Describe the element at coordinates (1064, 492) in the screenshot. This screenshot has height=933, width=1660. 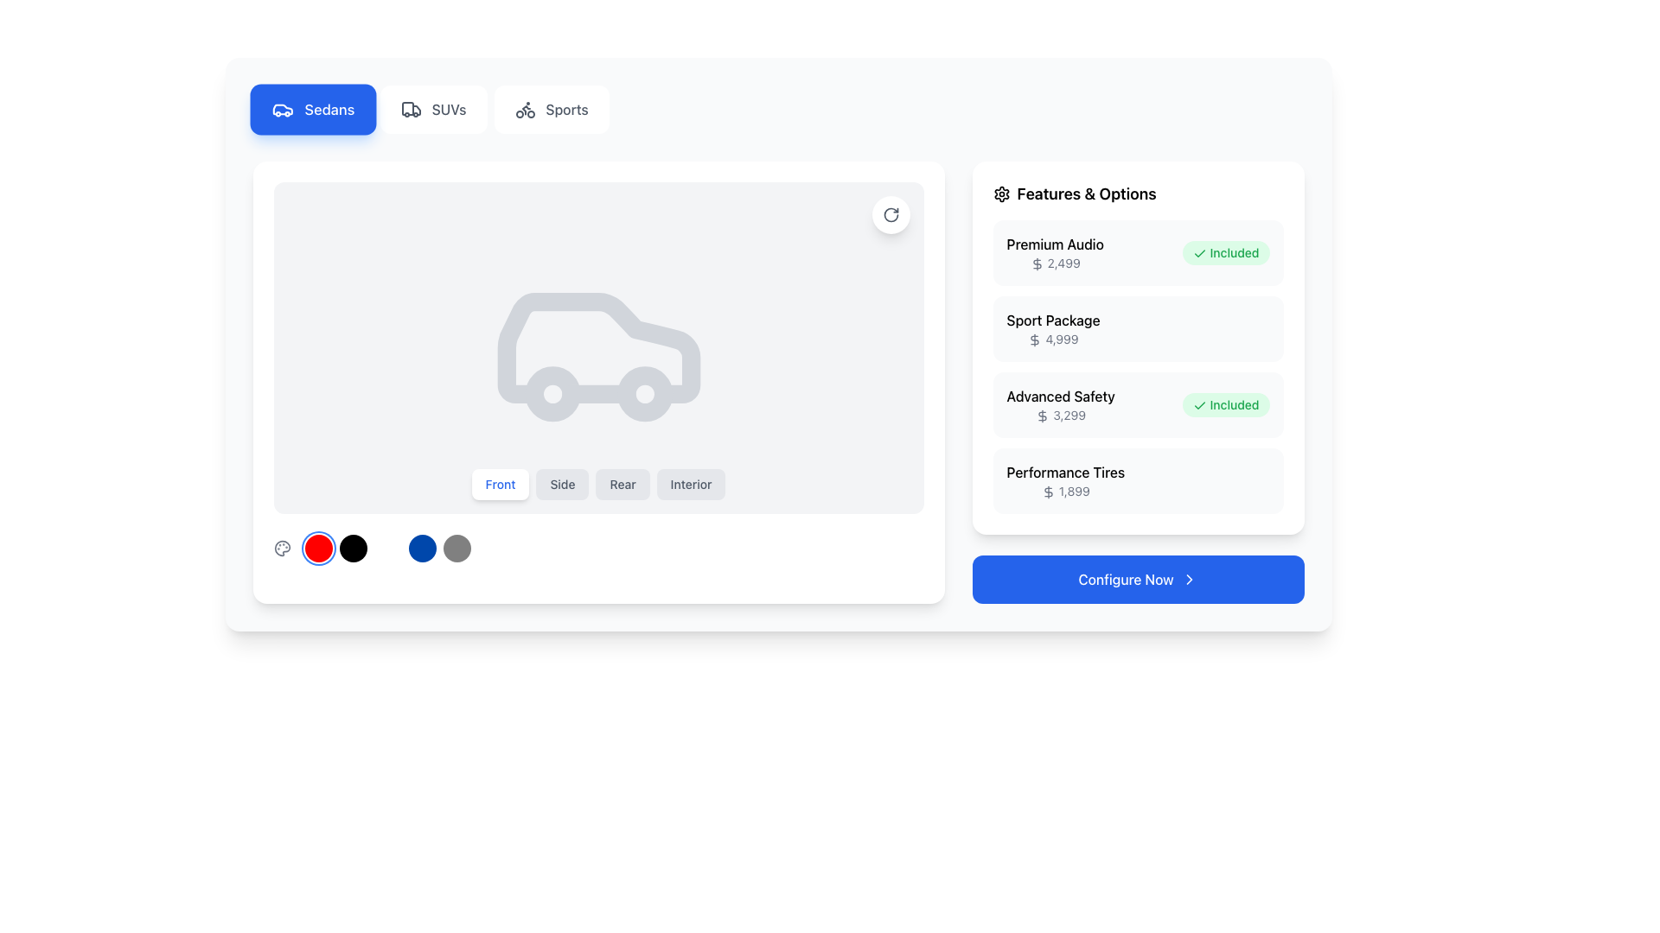
I see `the price label for the 'Performance Tires' option located in the 'Features & Options' panel, which provides contextual information about its value` at that location.